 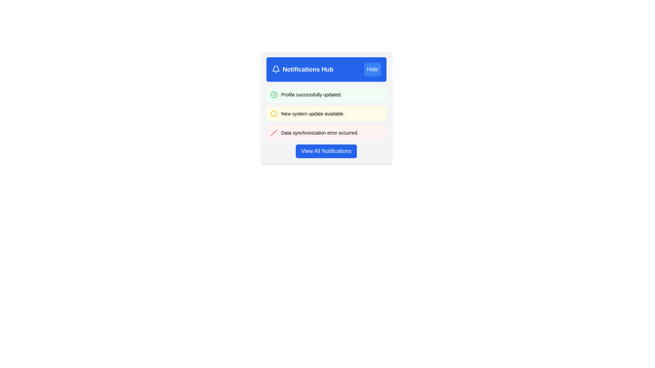 I want to click on the third notification box in the Notifications Hub that indicates a data synchronization issue, situated between a yellow notification and a blue button labeled 'View All Notifications', so click(x=326, y=133).